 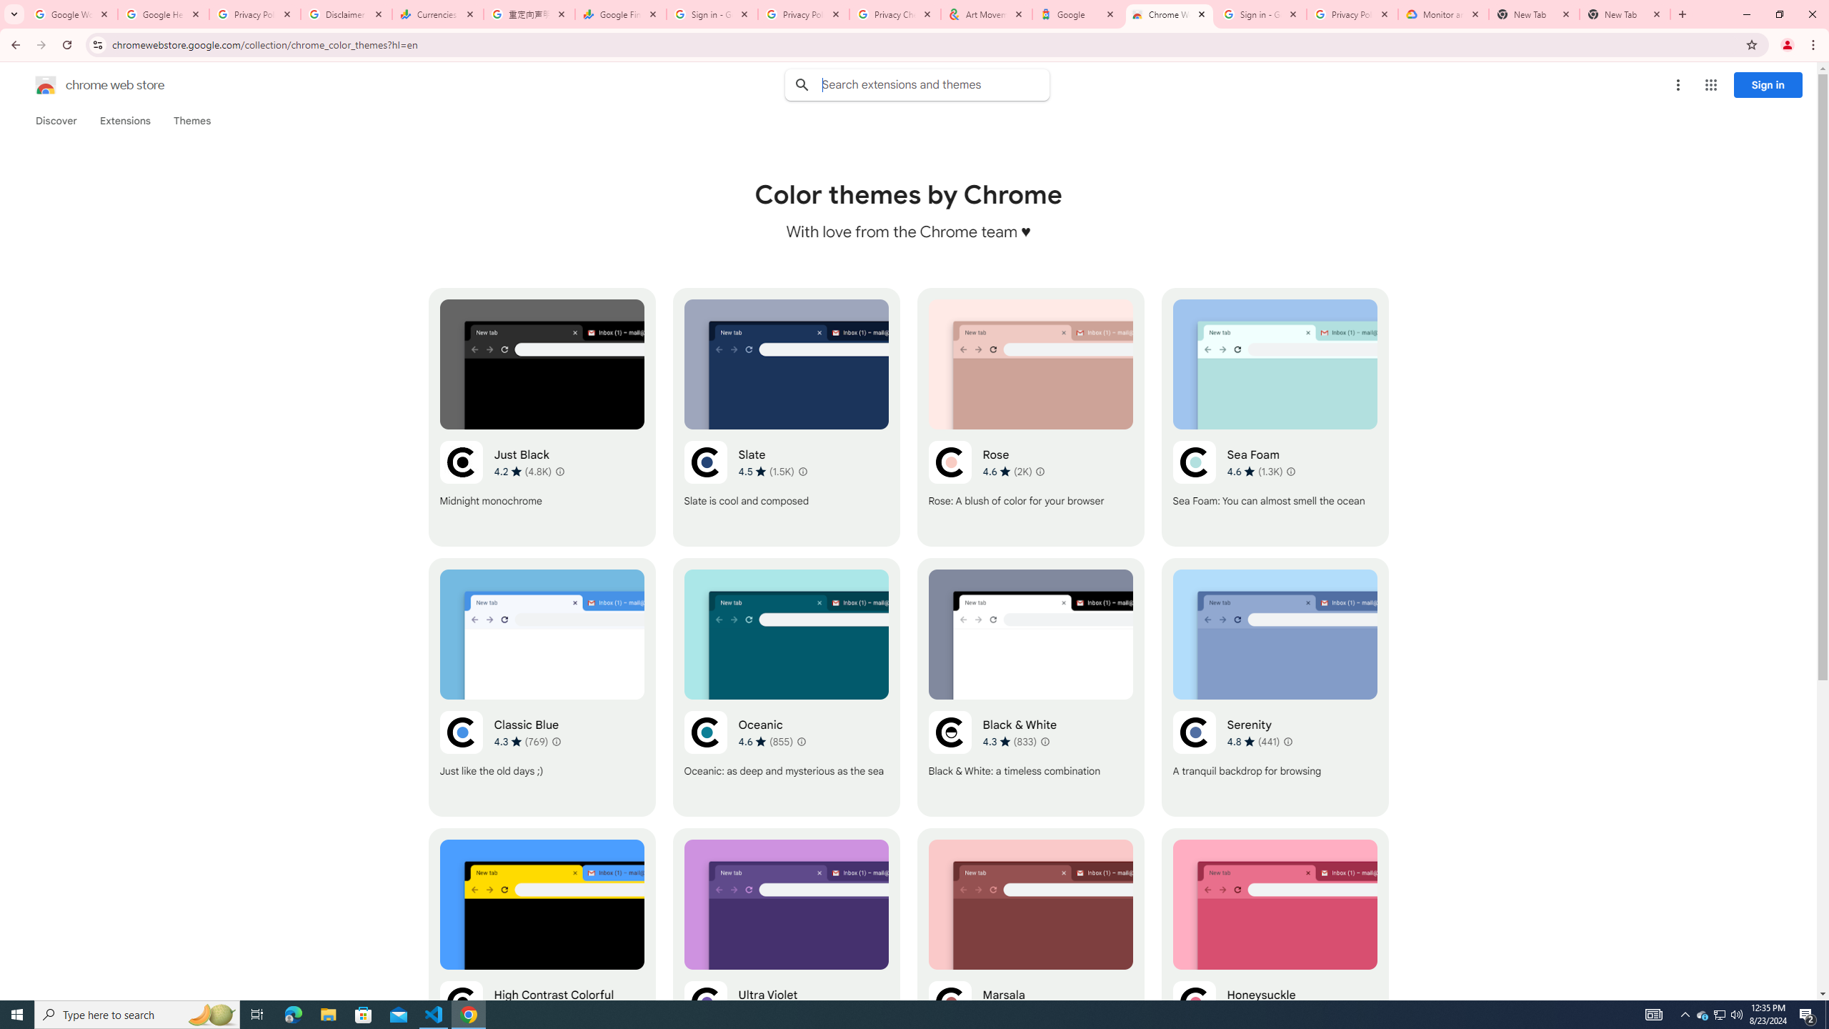 I want to click on 'Themes', so click(x=191, y=120).